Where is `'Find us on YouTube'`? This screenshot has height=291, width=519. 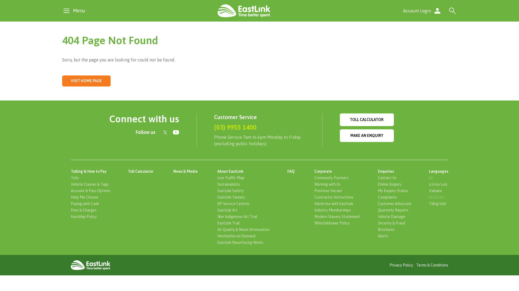
'Find us on YouTube' is located at coordinates (176, 132).